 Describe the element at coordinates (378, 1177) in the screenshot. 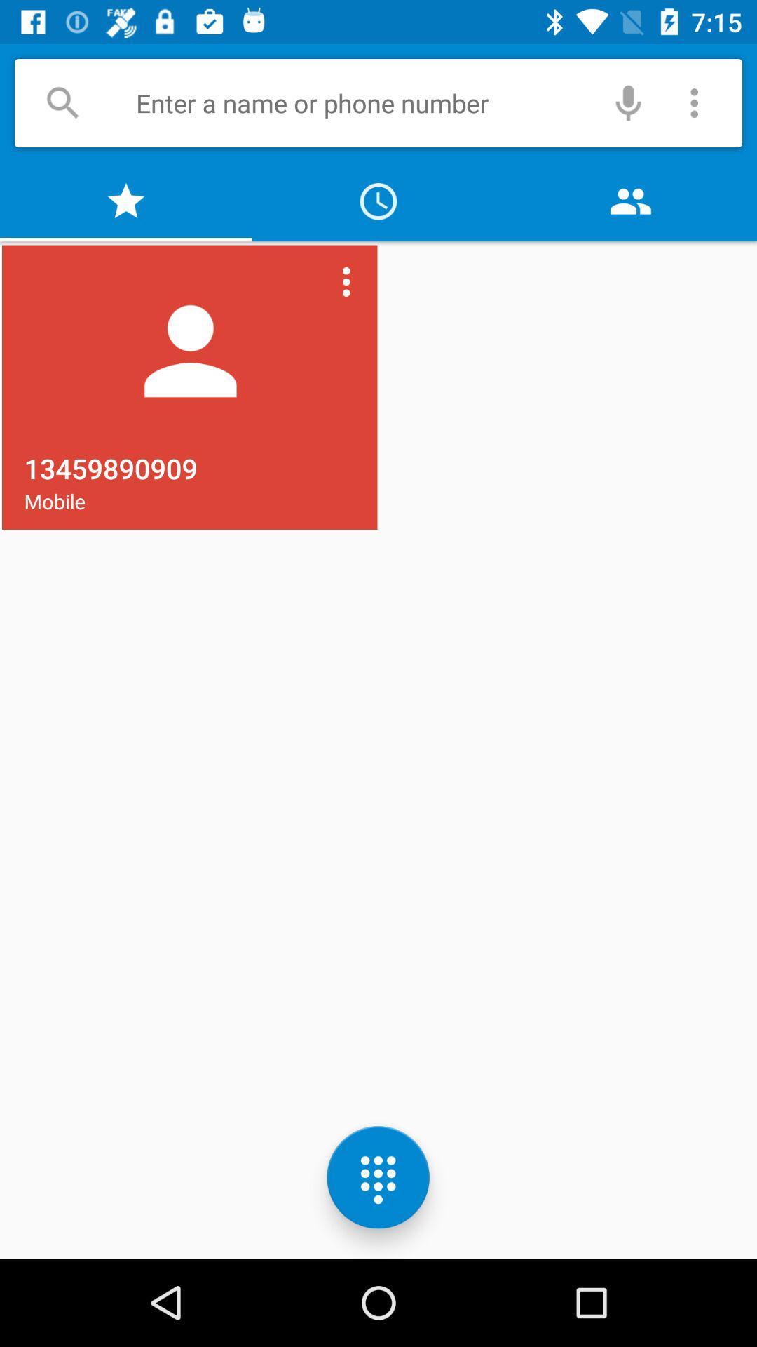

I see `the dialpad icon` at that location.